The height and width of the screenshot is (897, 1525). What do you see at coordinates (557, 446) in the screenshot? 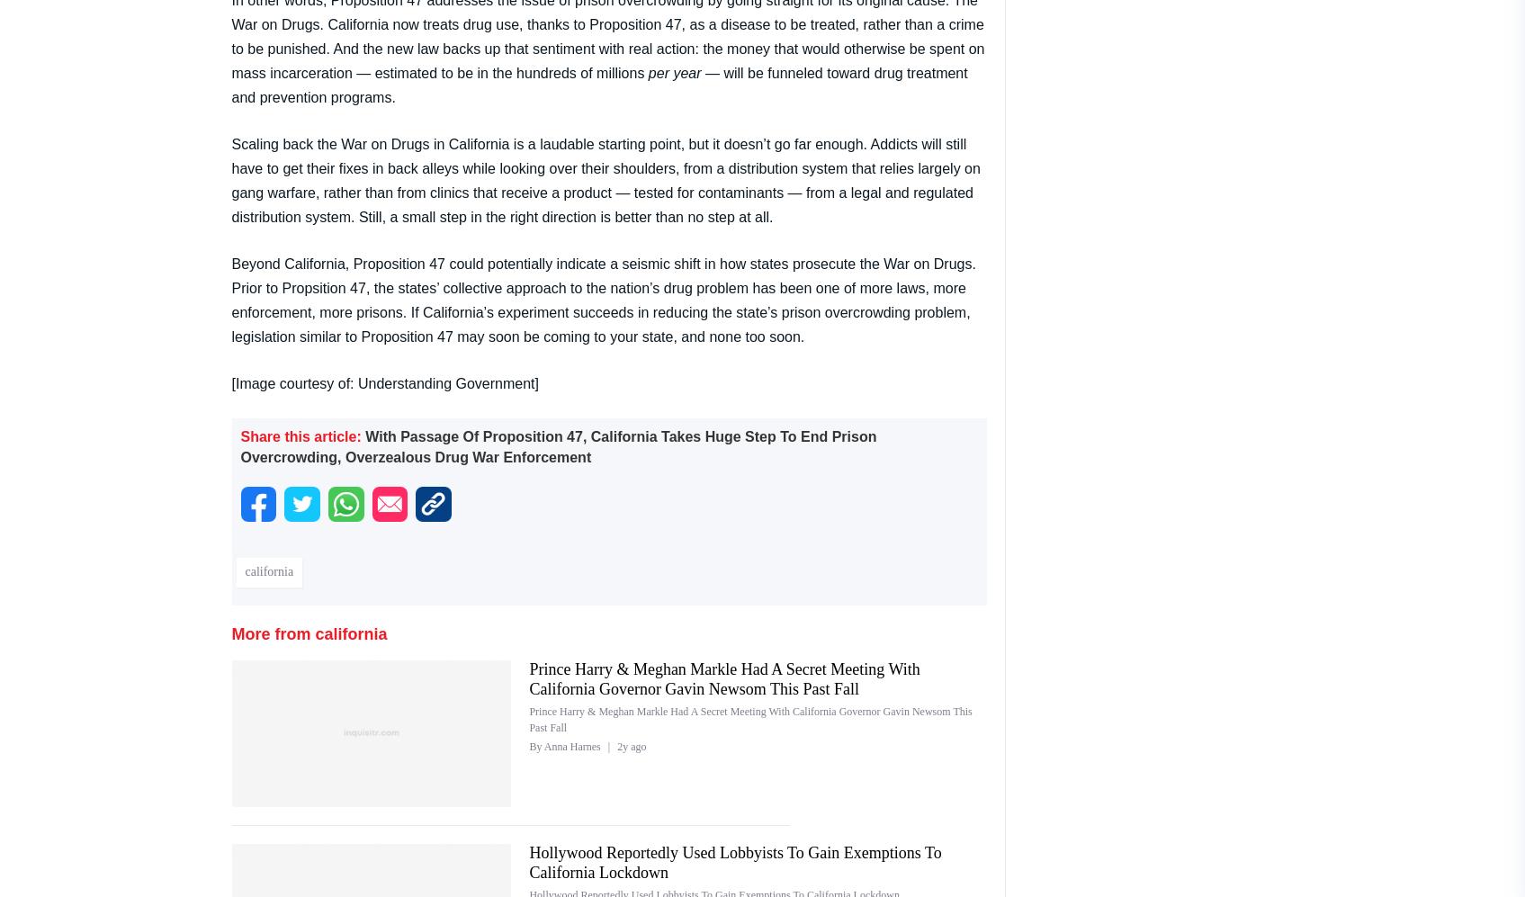
I see `'With Passage Of Proposition 47, California Takes Huge Step To End Prison Overcrowding, Overzealous Drug War Enforcement'` at bounding box center [557, 446].